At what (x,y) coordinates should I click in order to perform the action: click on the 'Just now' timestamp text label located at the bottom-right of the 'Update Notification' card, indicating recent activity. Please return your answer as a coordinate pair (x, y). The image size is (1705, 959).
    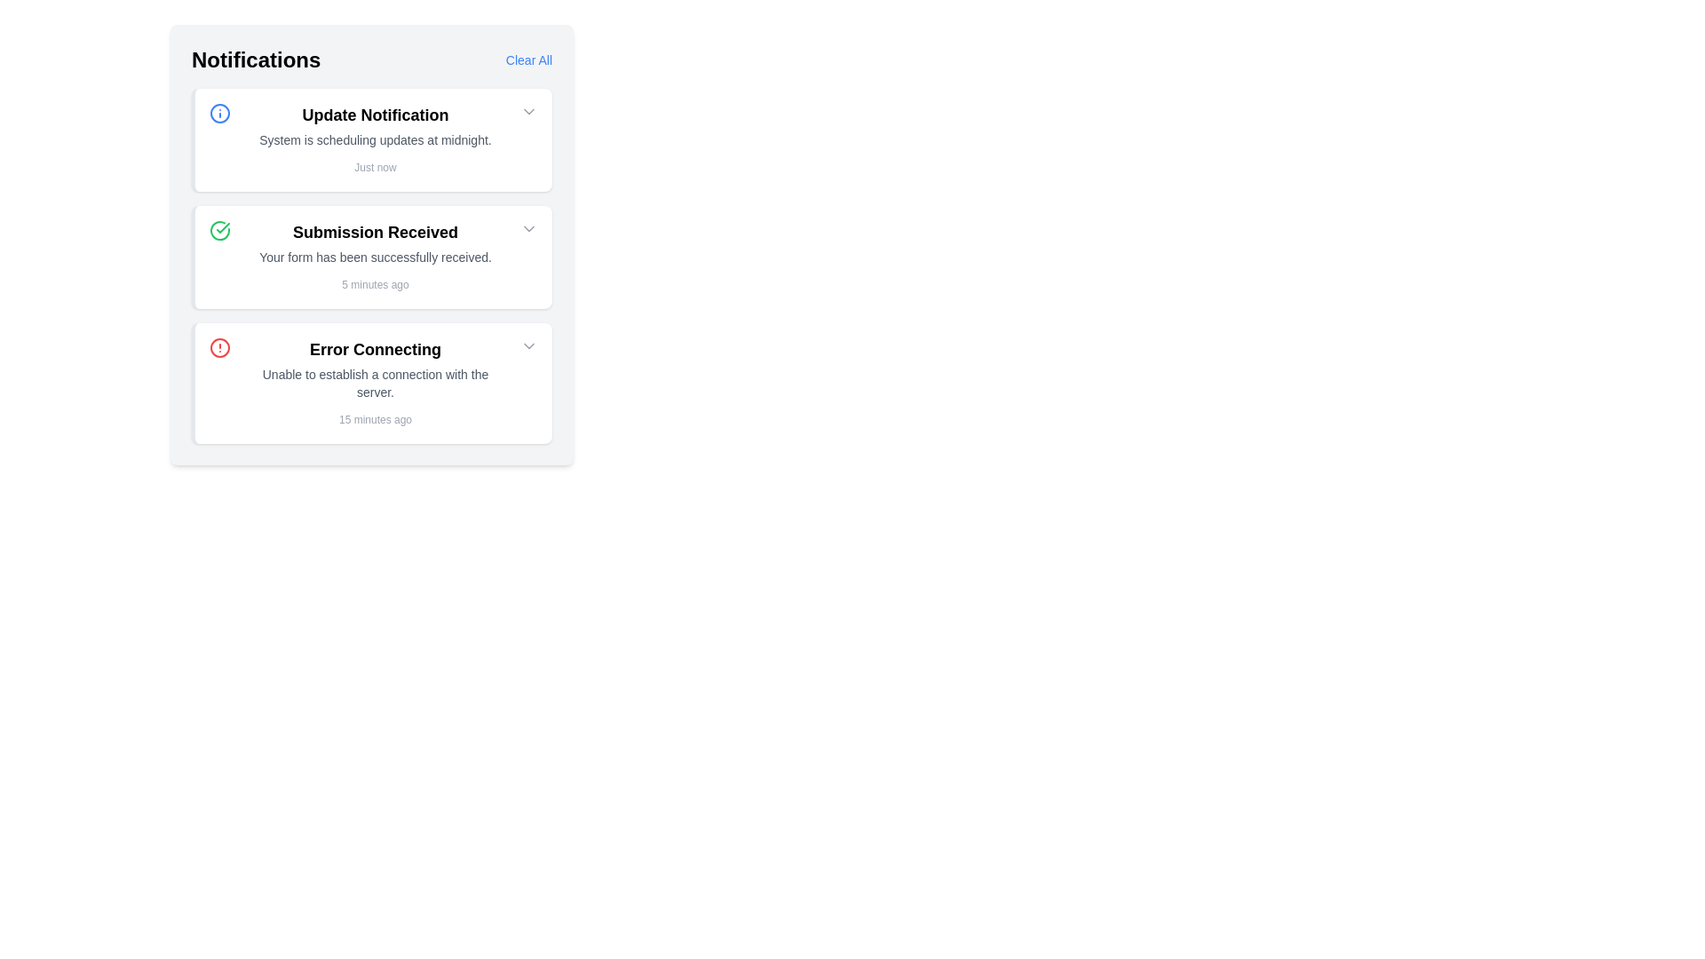
    Looking at the image, I should click on (374, 168).